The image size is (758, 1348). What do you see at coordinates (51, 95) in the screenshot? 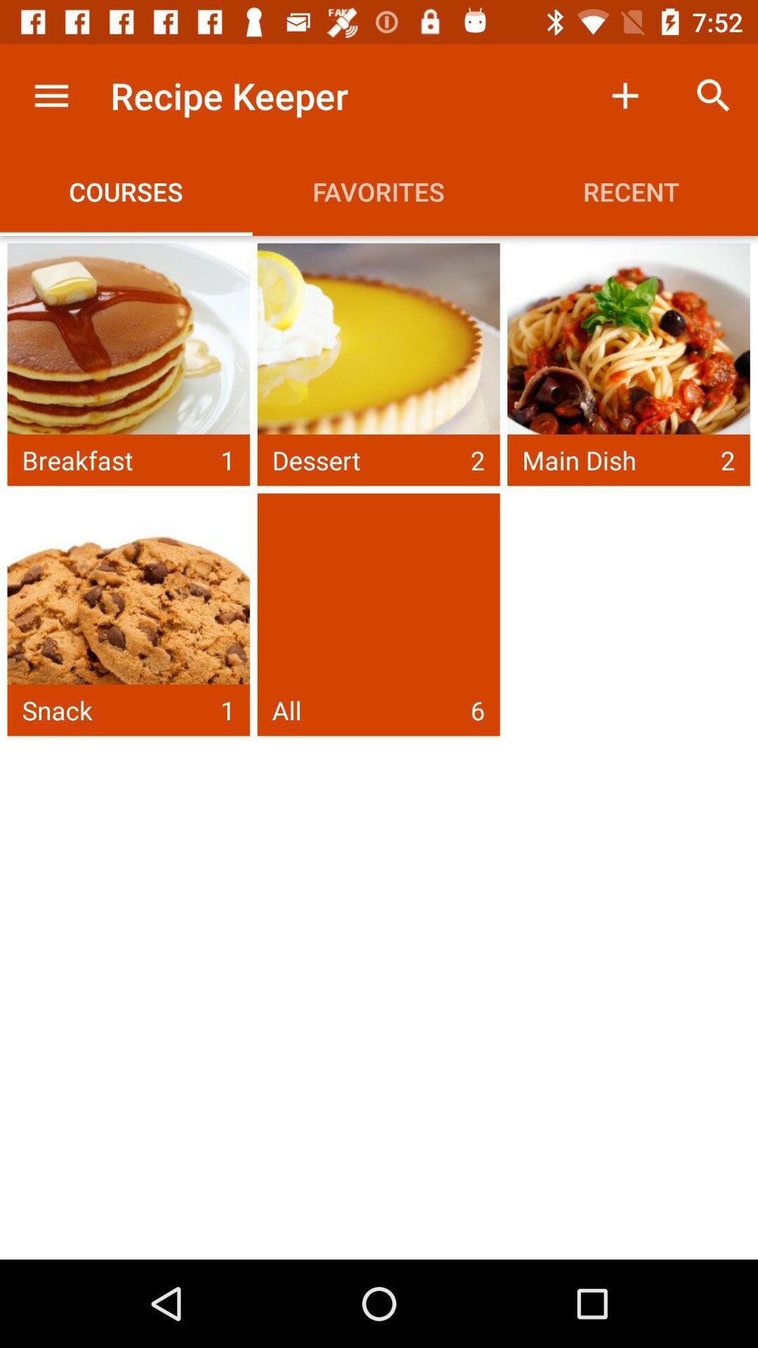
I see `the item to the left of the recipe keeper item` at bounding box center [51, 95].